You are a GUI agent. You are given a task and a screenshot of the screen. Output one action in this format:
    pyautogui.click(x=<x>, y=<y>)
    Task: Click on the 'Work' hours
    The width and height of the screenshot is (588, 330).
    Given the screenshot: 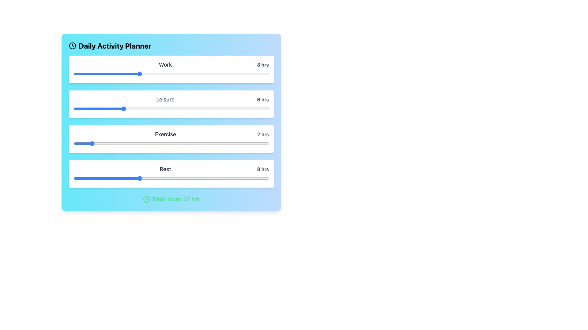 What is the action you would take?
    pyautogui.click(x=244, y=74)
    